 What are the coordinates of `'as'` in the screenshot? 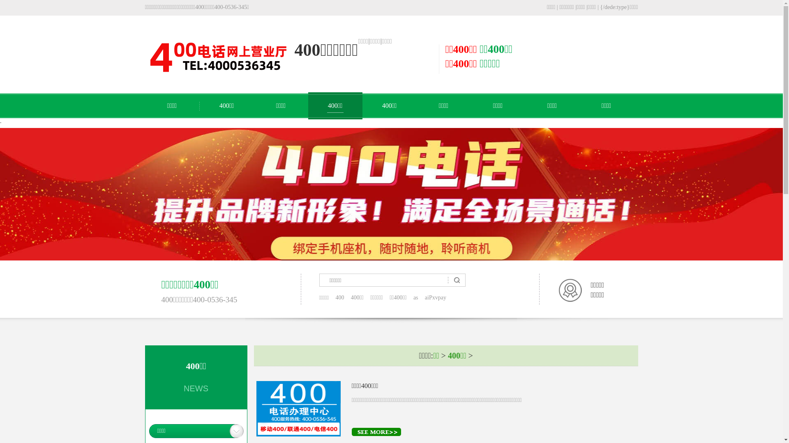 It's located at (416, 297).